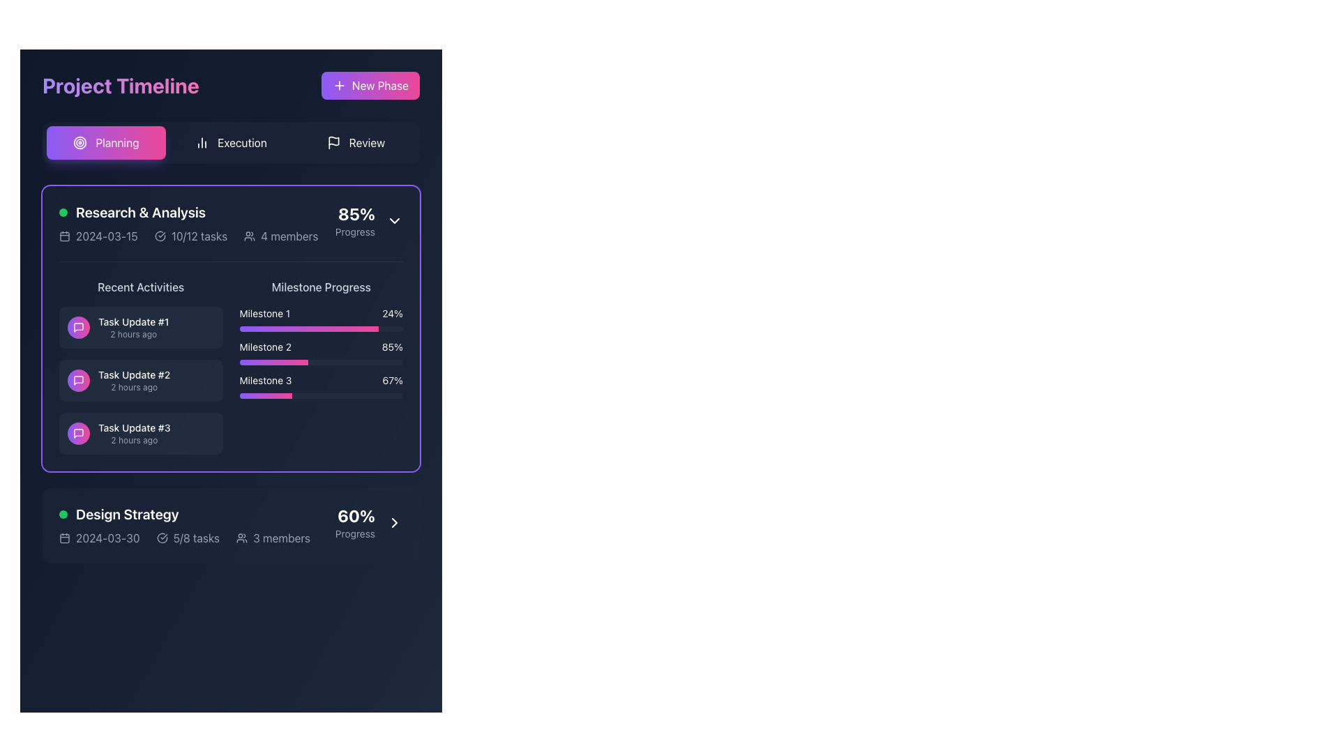 The image size is (1339, 753). What do you see at coordinates (320, 386) in the screenshot?
I see `the progress visually by focusing on the third milestone progress bar labeled 'Milestone 3', which shows a completion percentage of '67%' and is styled with a gradient from violet to pink` at bounding box center [320, 386].